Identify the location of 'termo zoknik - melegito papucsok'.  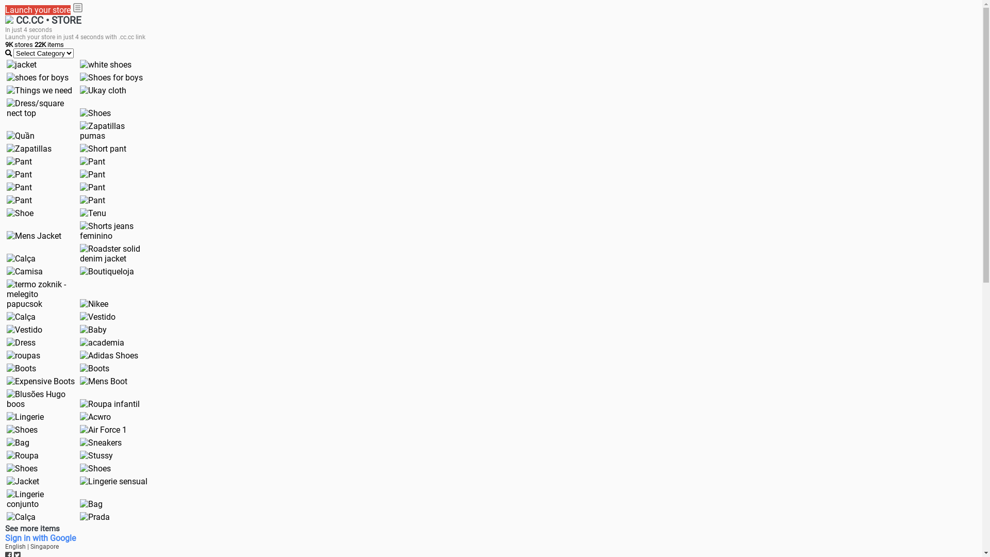
(40, 294).